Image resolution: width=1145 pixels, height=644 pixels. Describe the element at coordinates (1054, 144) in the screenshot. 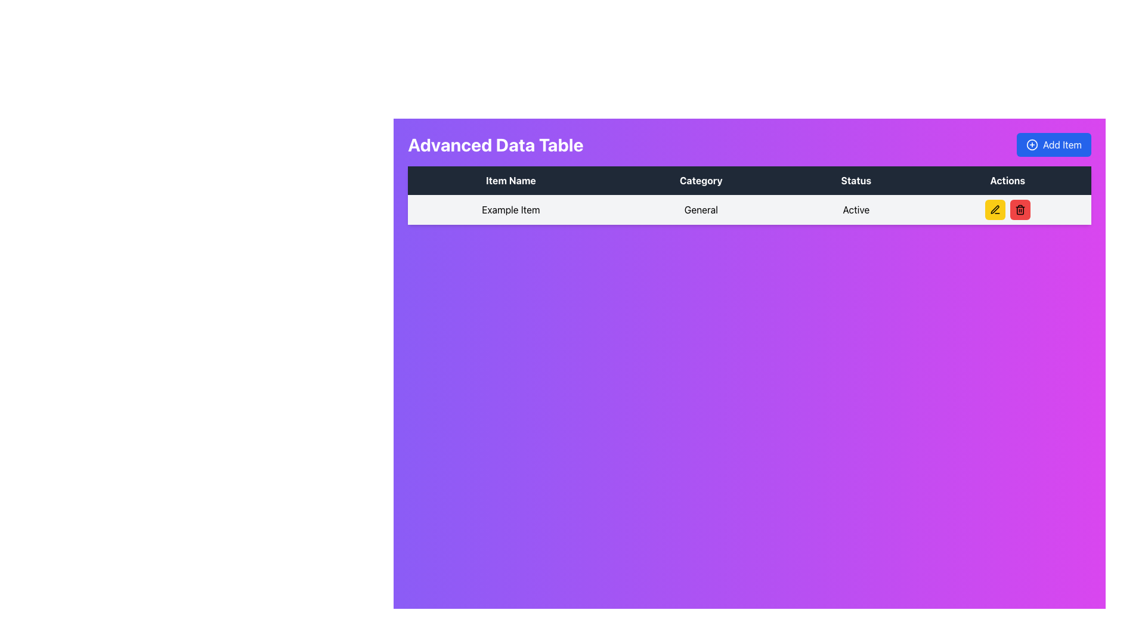

I see `the 'Add Item' button, which is a vibrant blue rectangular button with white text and a plus sign icon, located in the top-right corner of the interface adjacent to the 'Advanced Data Table' title` at that location.